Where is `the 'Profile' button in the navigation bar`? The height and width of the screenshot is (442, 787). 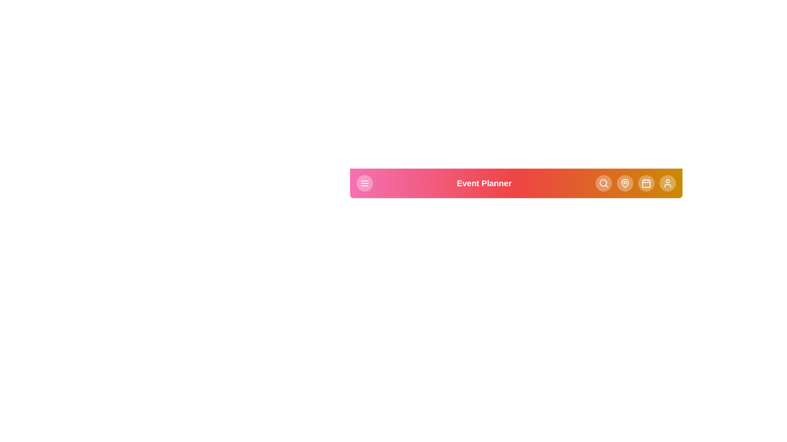
the 'Profile' button in the navigation bar is located at coordinates (667, 183).